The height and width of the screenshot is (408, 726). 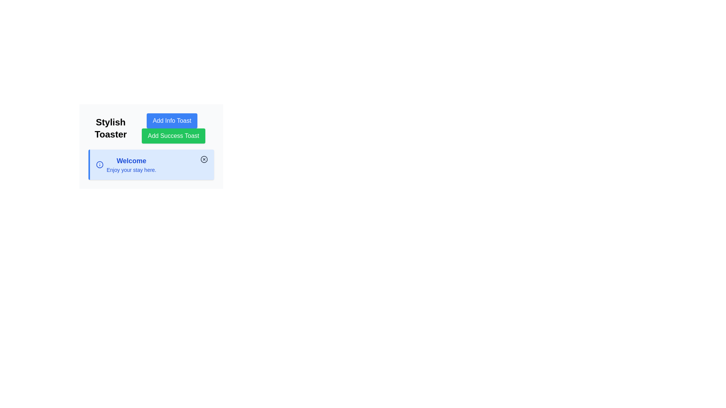 What do you see at coordinates (99, 164) in the screenshot?
I see `the outermost circular icon component located at the bottom-right of the notification area` at bounding box center [99, 164].